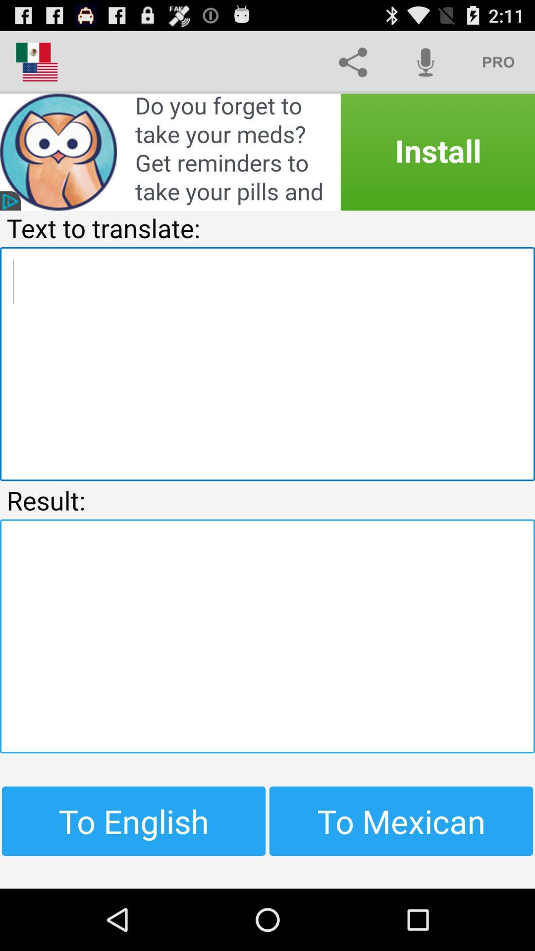 The height and width of the screenshot is (951, 535). Describe the element at coordinates (267, 636) in the screenshot. I see `showing result` at that location.